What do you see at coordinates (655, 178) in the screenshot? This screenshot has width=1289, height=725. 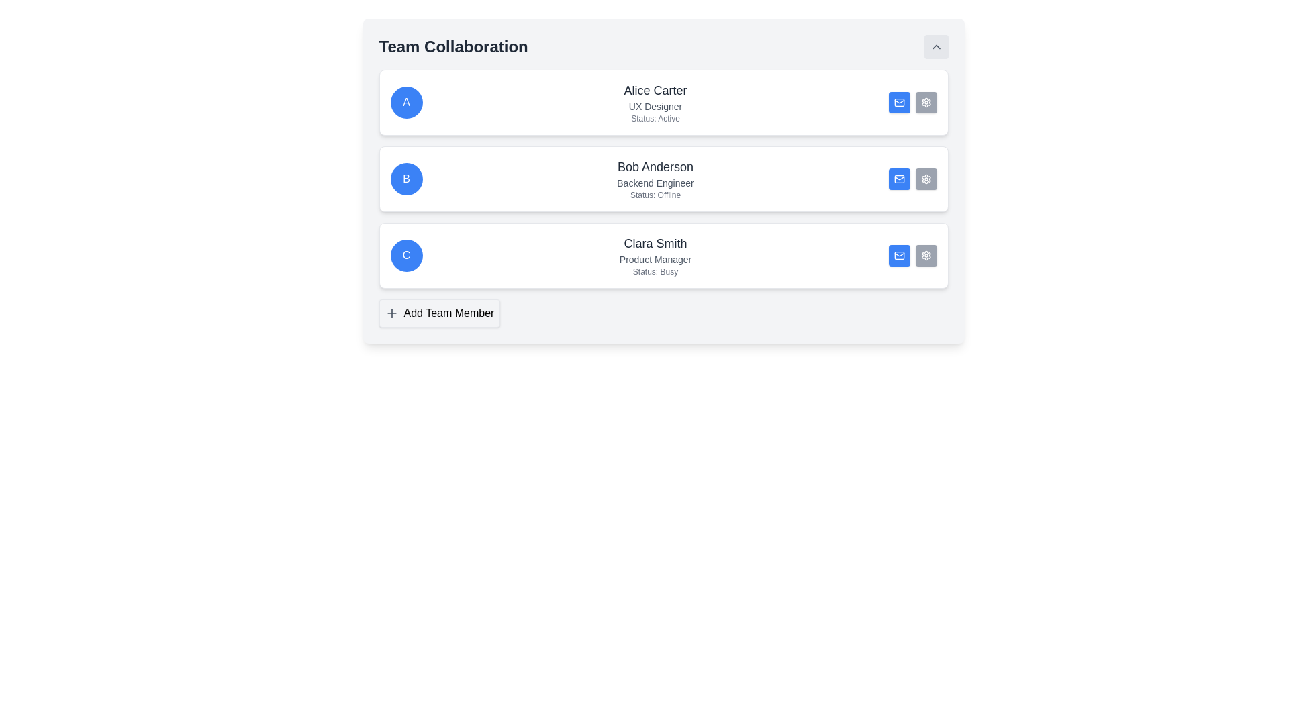 I see `text content of the team member's name, role, and status displayed in the middle card of a vertically stacked list of cards` at bounding box center [655, 178].